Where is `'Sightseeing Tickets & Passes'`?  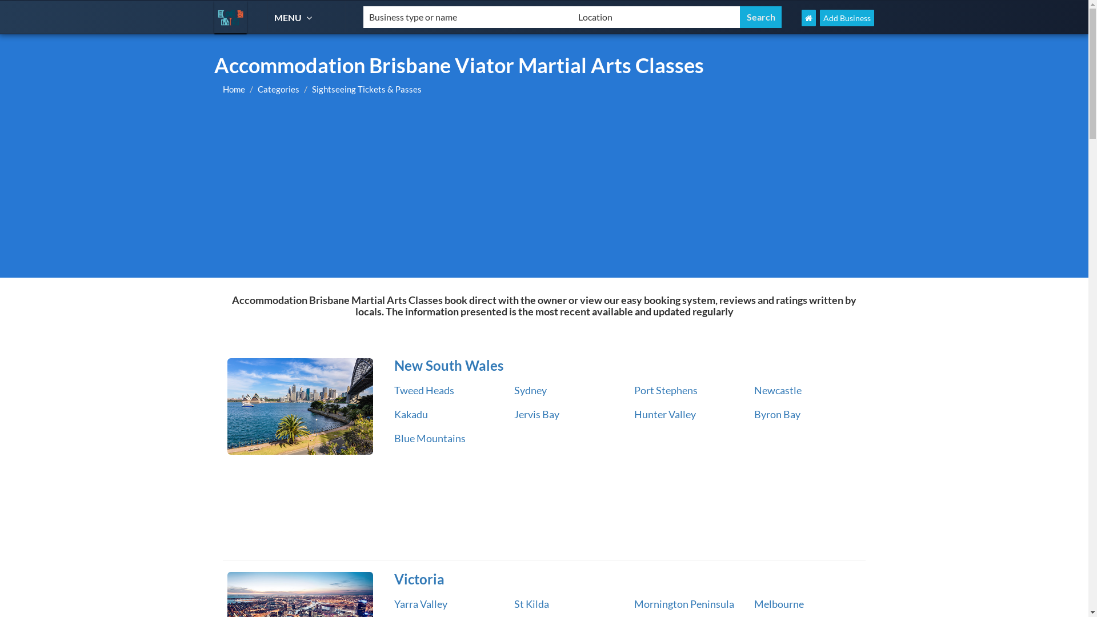
'Sightseeing Tickets & Passes' is located at coordinates (367, 88).